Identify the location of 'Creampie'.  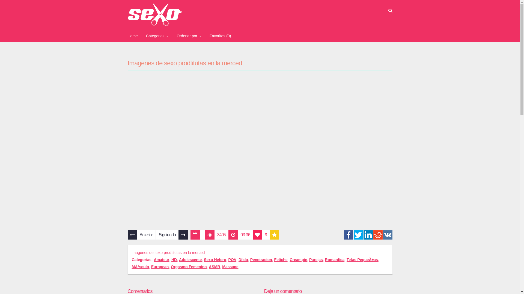
(289, 259).